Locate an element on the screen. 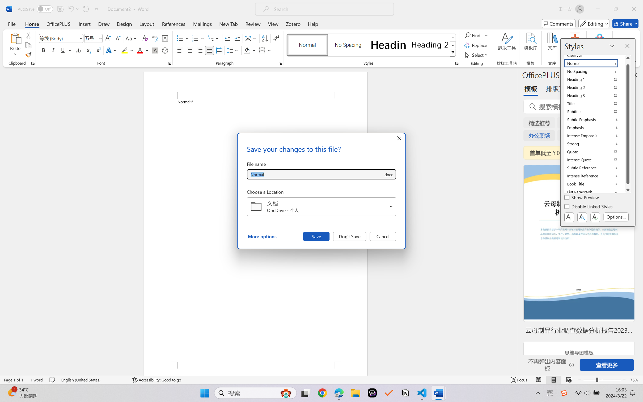 This screenshot has width=643, height=402. 'Ribbon Display Options' is located at coordinates (634, 61).